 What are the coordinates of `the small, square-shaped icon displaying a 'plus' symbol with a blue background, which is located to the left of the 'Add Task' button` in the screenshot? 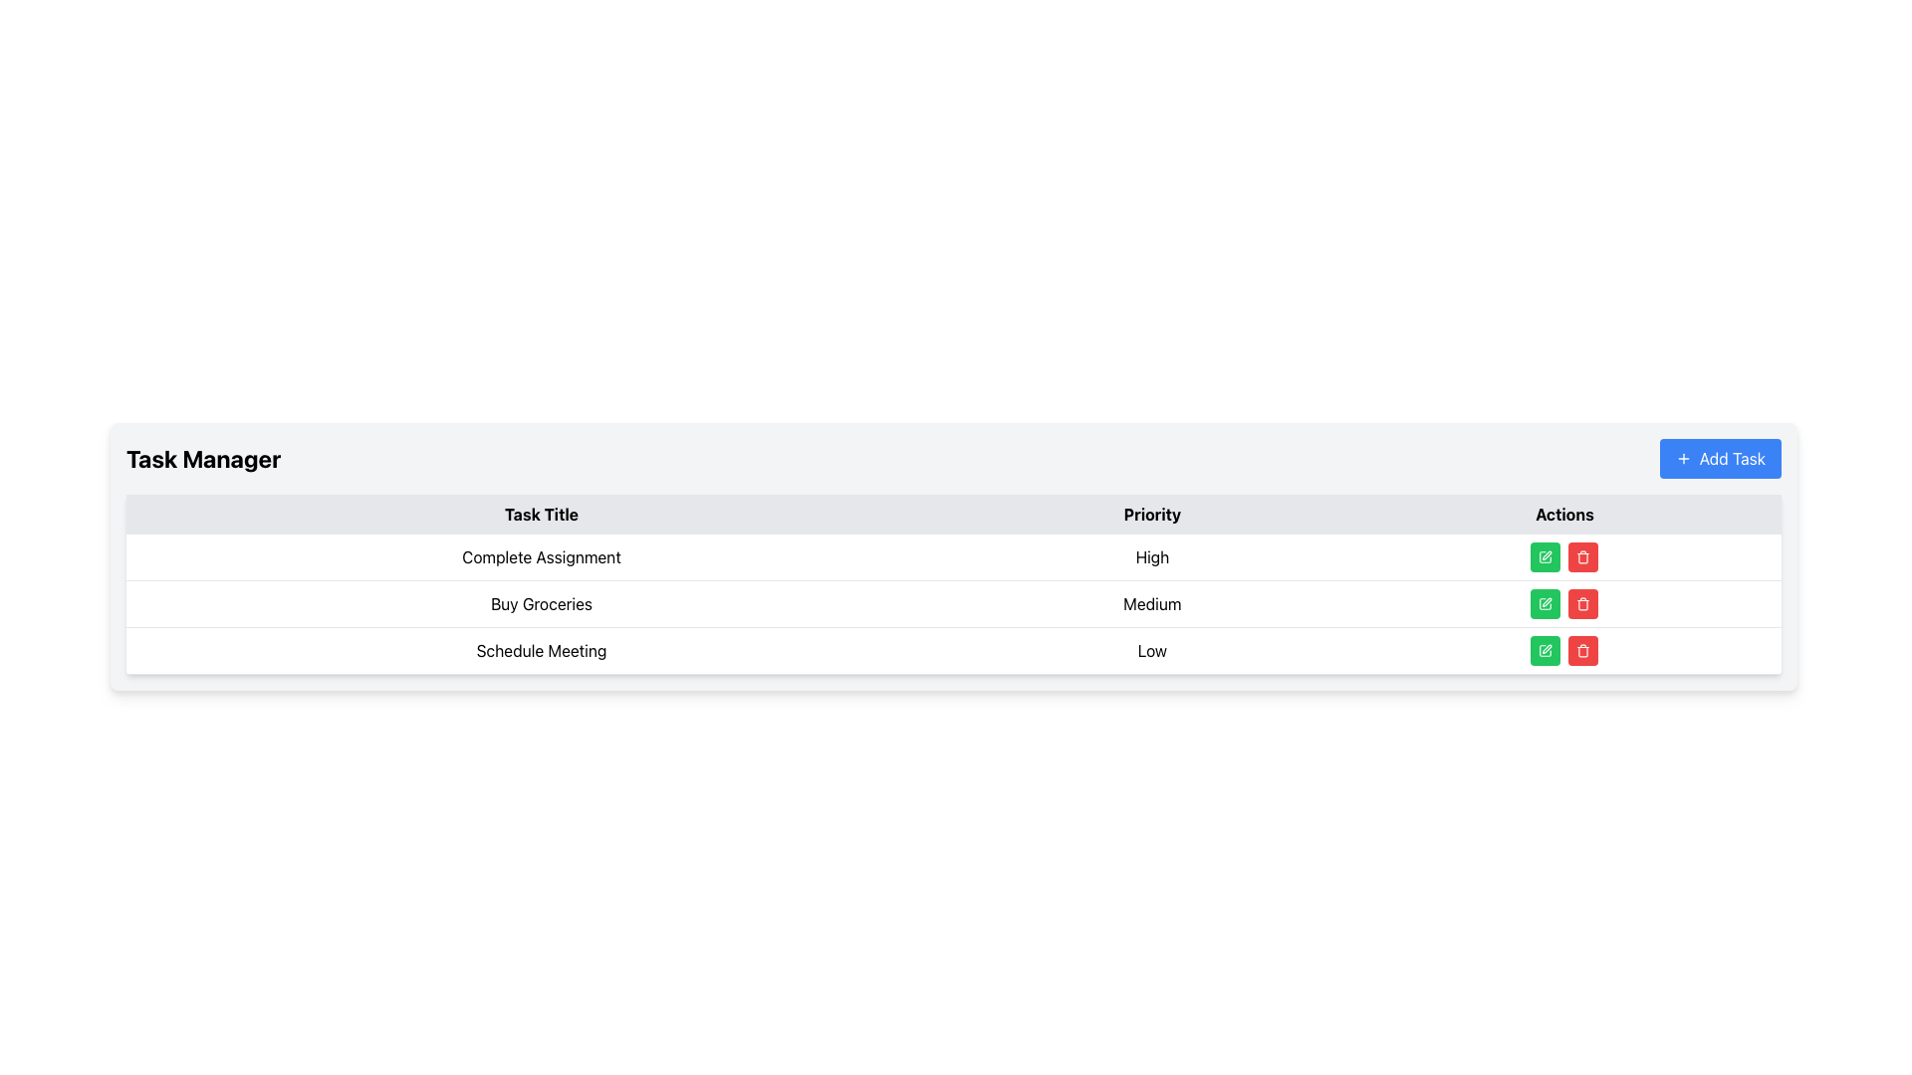 It's located at (1682, 459).